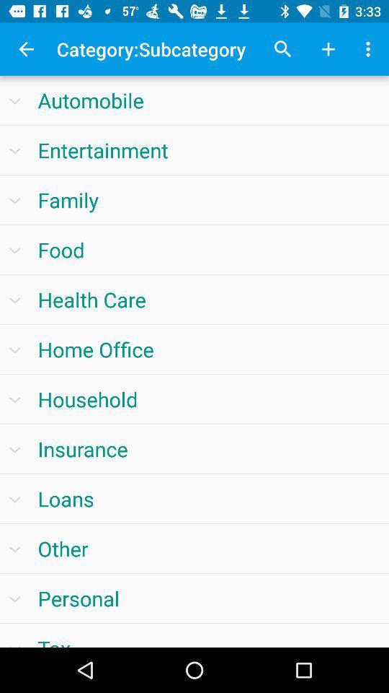  What do you see at coordinates (26, 49) in the screenshot?
I see `the app to the left of the category:subcategory app` at bounding box center [26, 49].